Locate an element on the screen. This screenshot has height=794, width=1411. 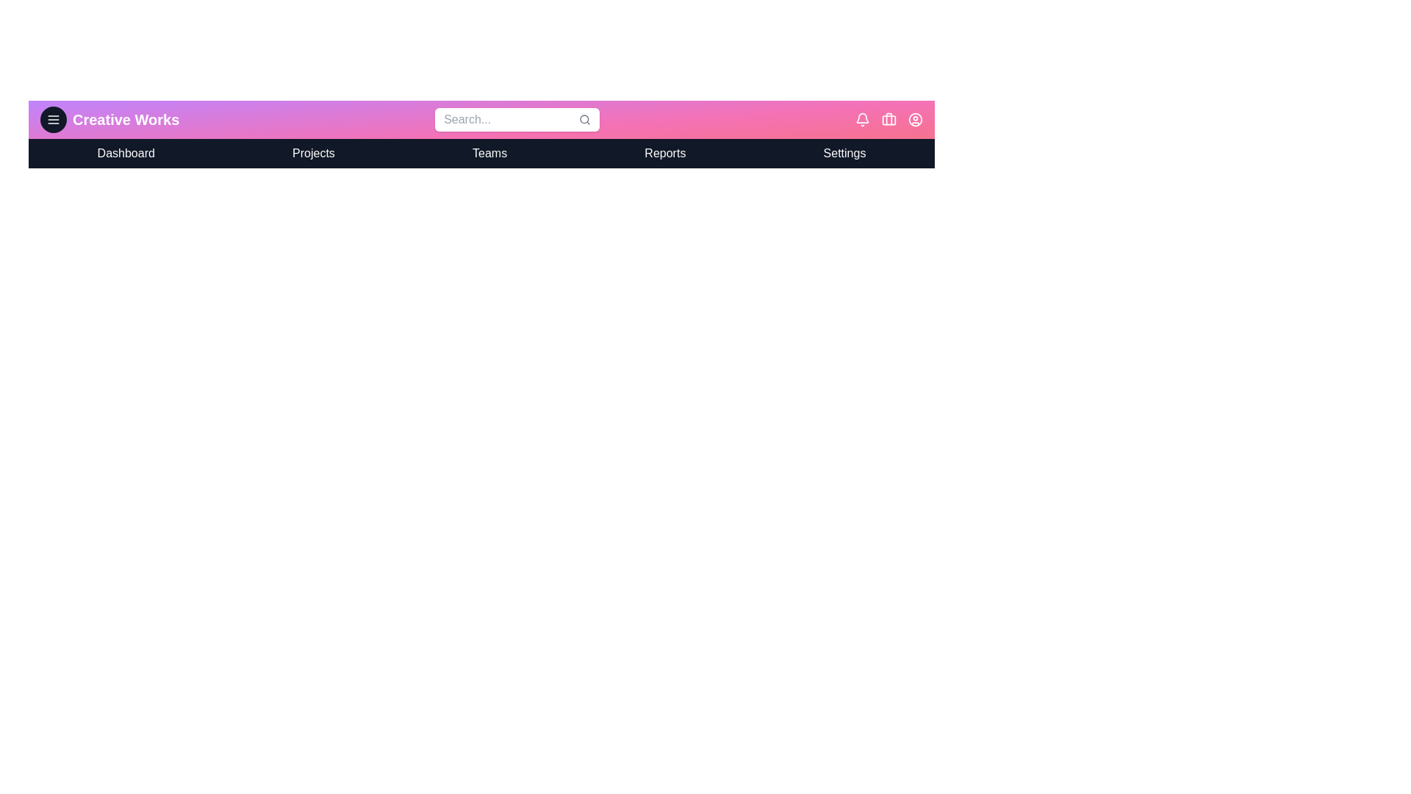
the user icon to view user-related options is located at coordinates (914, 118).